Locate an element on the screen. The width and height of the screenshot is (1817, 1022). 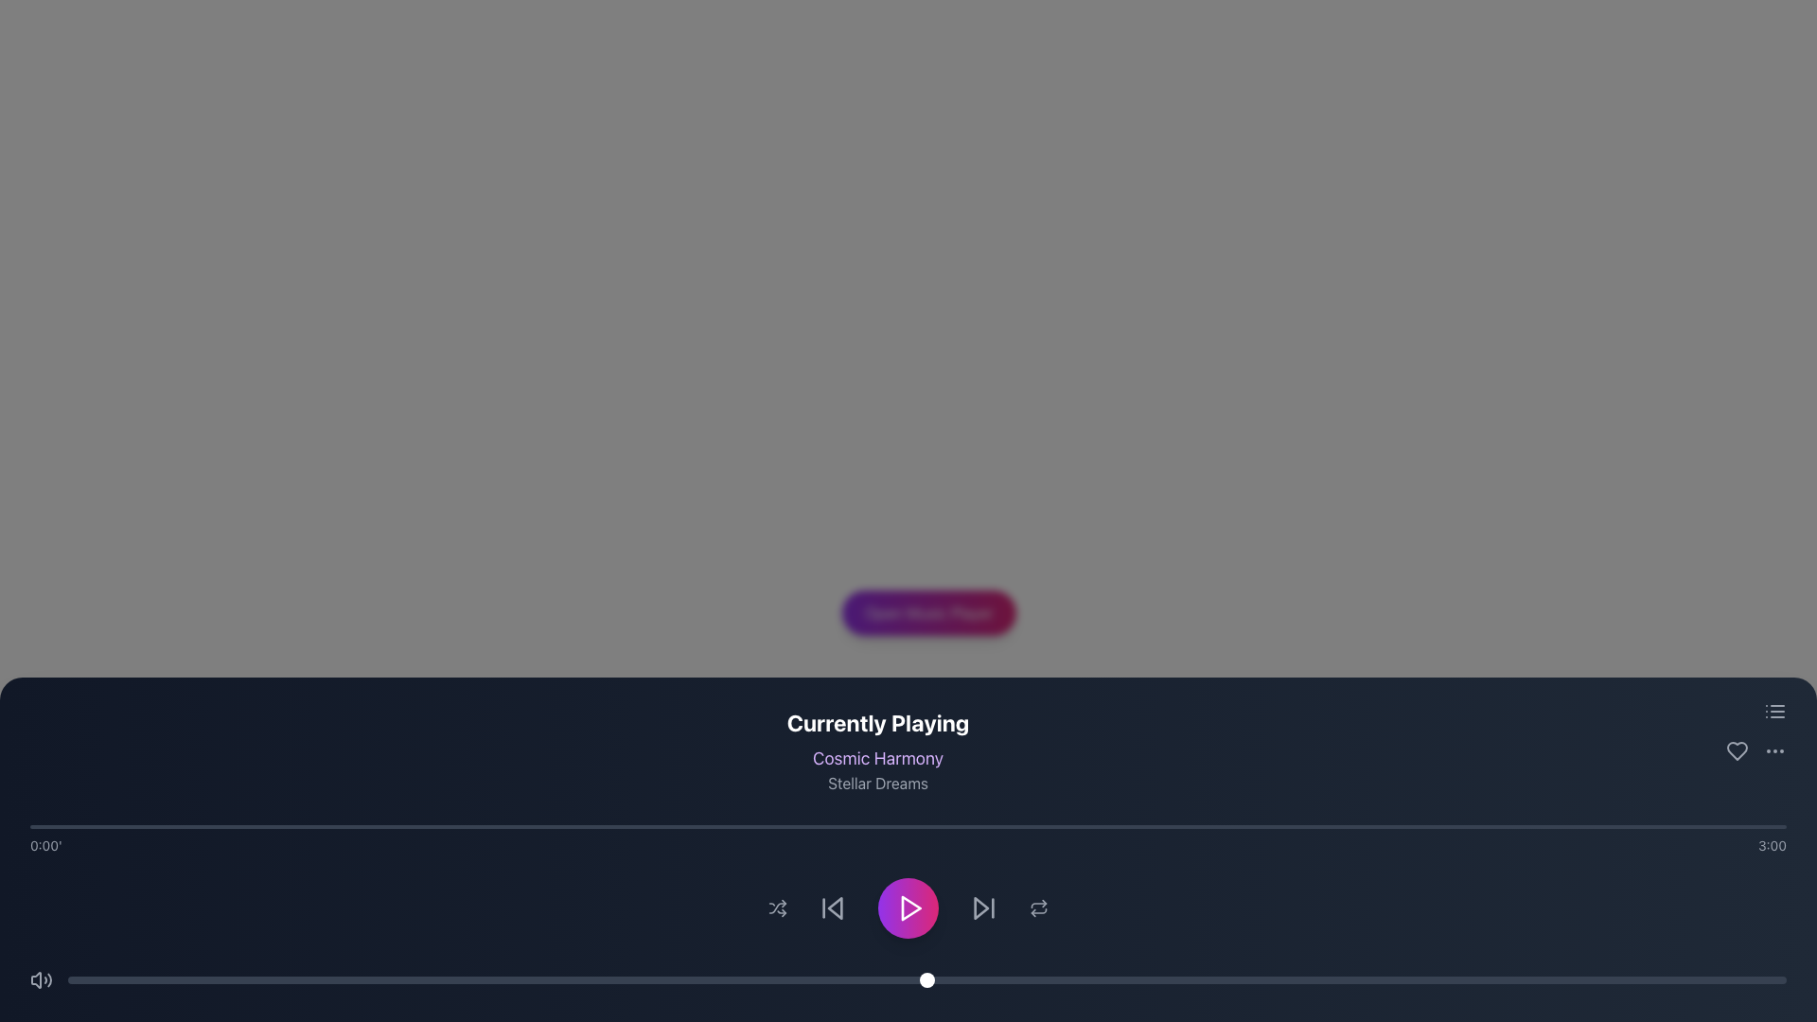
the progress indicator of the Linear Progress Bar located at the bottom section of the interface is located at coordinates (908, 826).